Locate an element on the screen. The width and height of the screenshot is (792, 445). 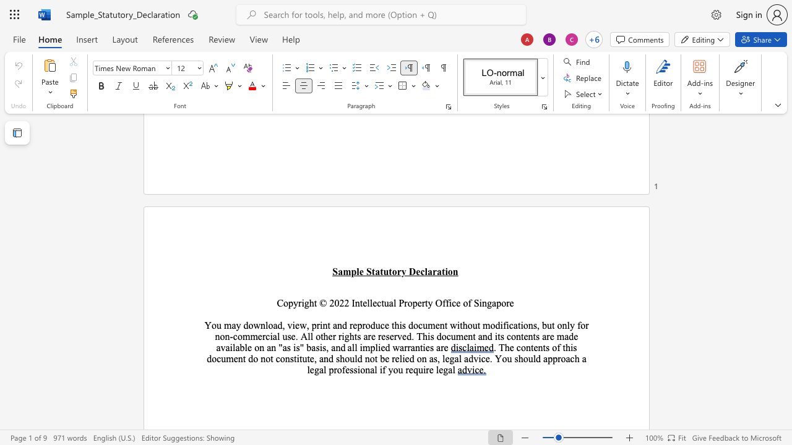
the space between the continuous character "u" and "c" in the text is located at coordinates (379, 324).